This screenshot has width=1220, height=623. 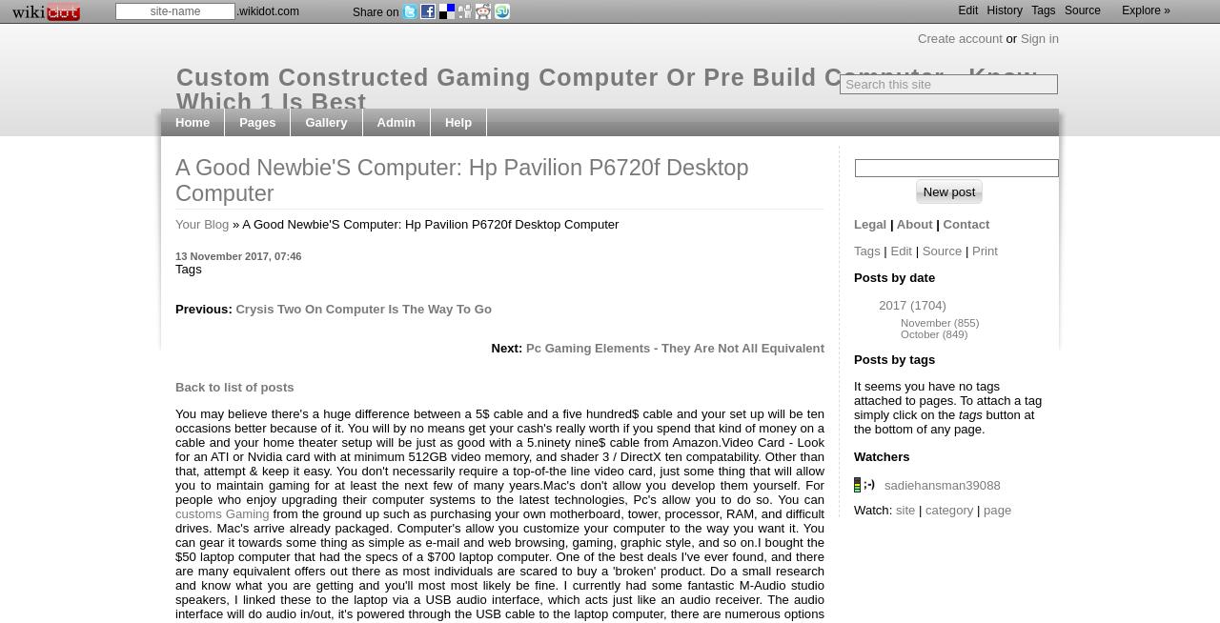 What do you see at coordinates (201, 224) in the screenshot?
I see `'Your Blog'` at bounding box center [201, 224].